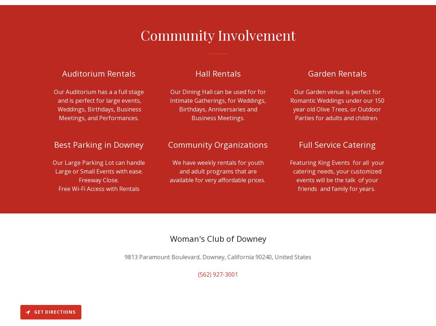 This screenshot has width=436, height=326. I want to click on 'Community Involvement', so click(217, 34).